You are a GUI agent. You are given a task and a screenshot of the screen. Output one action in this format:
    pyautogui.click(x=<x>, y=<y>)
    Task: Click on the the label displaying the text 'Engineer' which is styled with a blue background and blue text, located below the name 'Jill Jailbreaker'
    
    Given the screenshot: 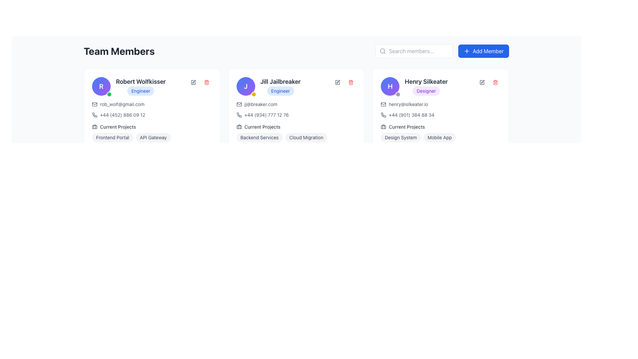 What is the action you would take?
    pyautogui.click(x=280, y=91)
    